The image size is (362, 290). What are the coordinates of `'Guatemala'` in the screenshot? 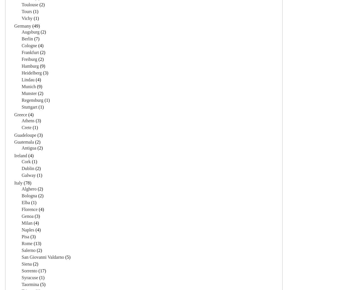 It's located at (14, 142).